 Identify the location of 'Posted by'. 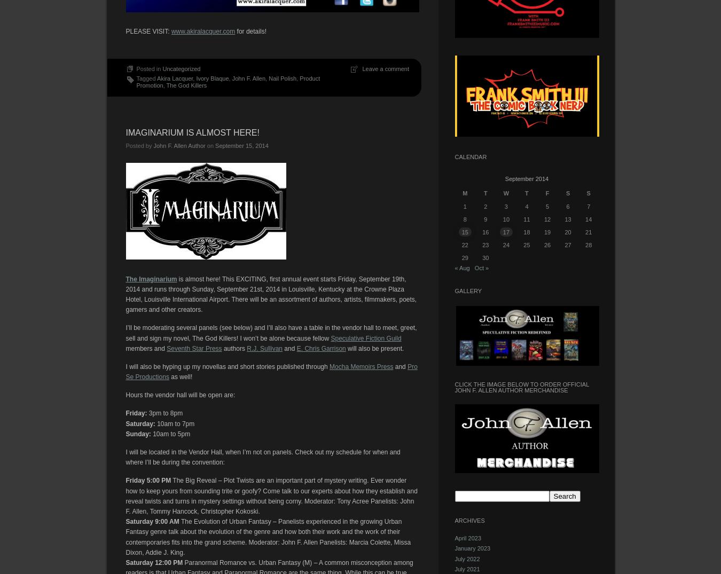
(138, 146).